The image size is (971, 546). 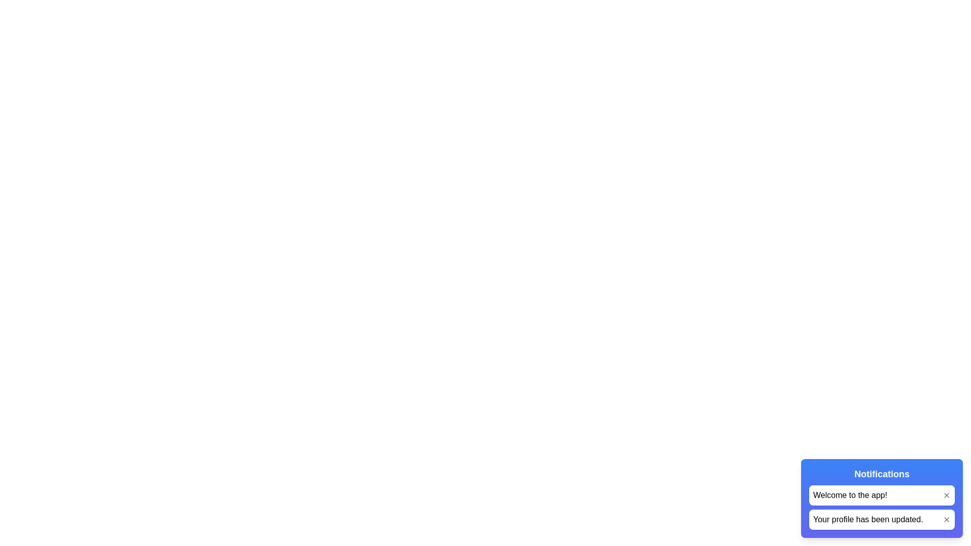 What do you see at coordinates (946, 520) in the screenshot?
I see `the close button located at the top-right corner of the notification message 'Your profile has been updated.' to observe the color change` at bounding box center [946, 520].